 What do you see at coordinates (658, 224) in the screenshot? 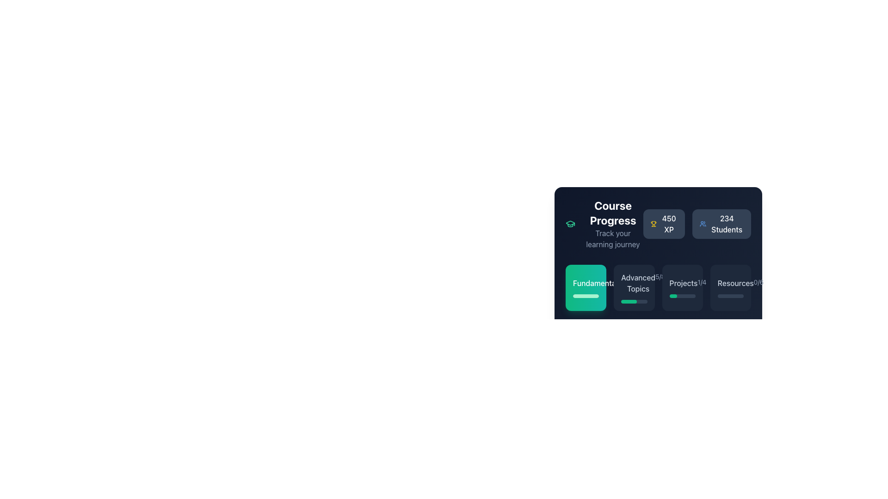
I see `the statistics section of the Informational component indicating '450 XP' or '234 Students' if it is interactive` at bounding box center [658, 224].